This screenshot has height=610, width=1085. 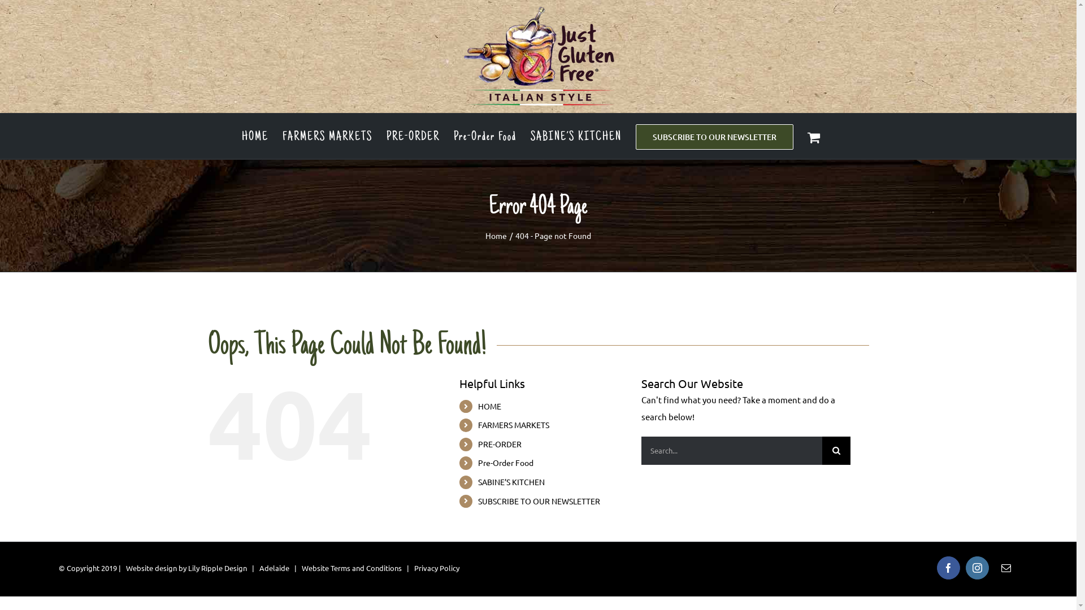 I want to click on 'Home', so click(x=496, y=234).